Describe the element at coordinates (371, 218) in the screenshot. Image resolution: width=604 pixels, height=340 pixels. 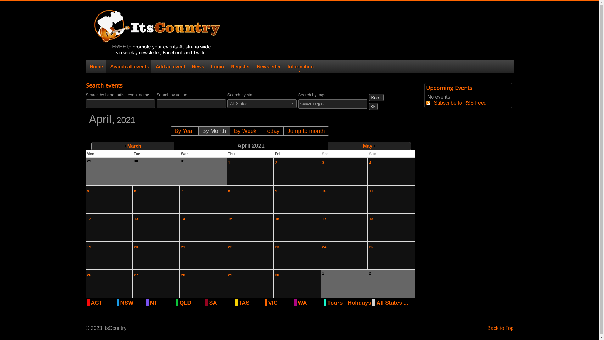
I see `'18'` at that location.